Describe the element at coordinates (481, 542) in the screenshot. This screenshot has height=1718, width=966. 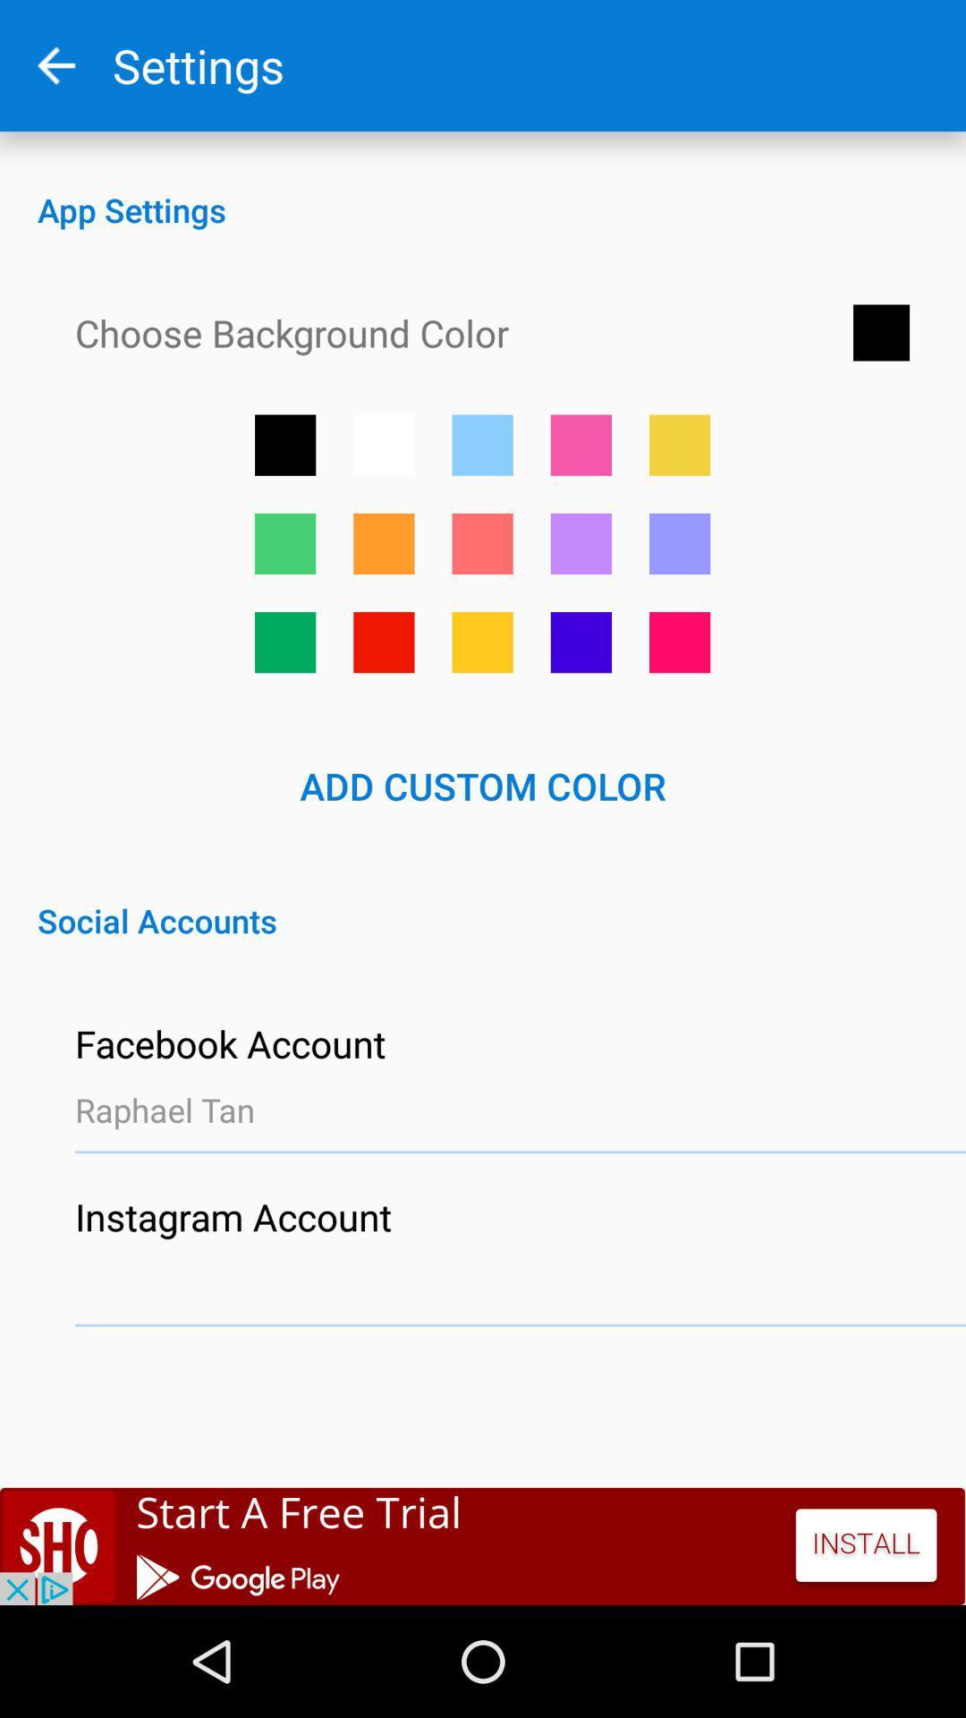
I see `button` at that location.